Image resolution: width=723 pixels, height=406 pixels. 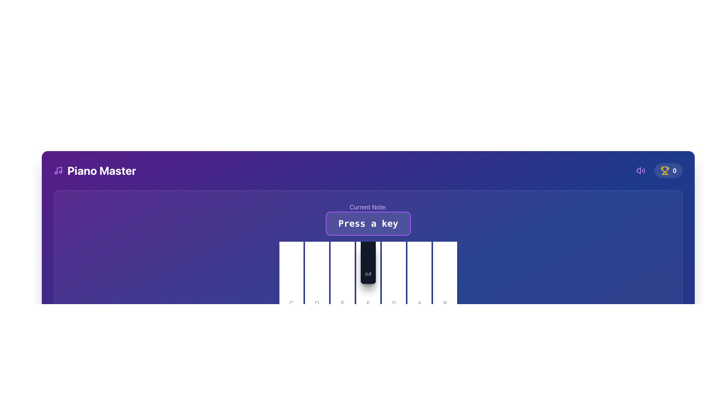 What do you see at coordinates (368, 223) in the screenshot?
I see `the text label with the message 'Press a key' that is displayed in white on a semi-transparent white button with a purple border, located underneath the 'Current Note:' text` at bounding box center [368, 223].